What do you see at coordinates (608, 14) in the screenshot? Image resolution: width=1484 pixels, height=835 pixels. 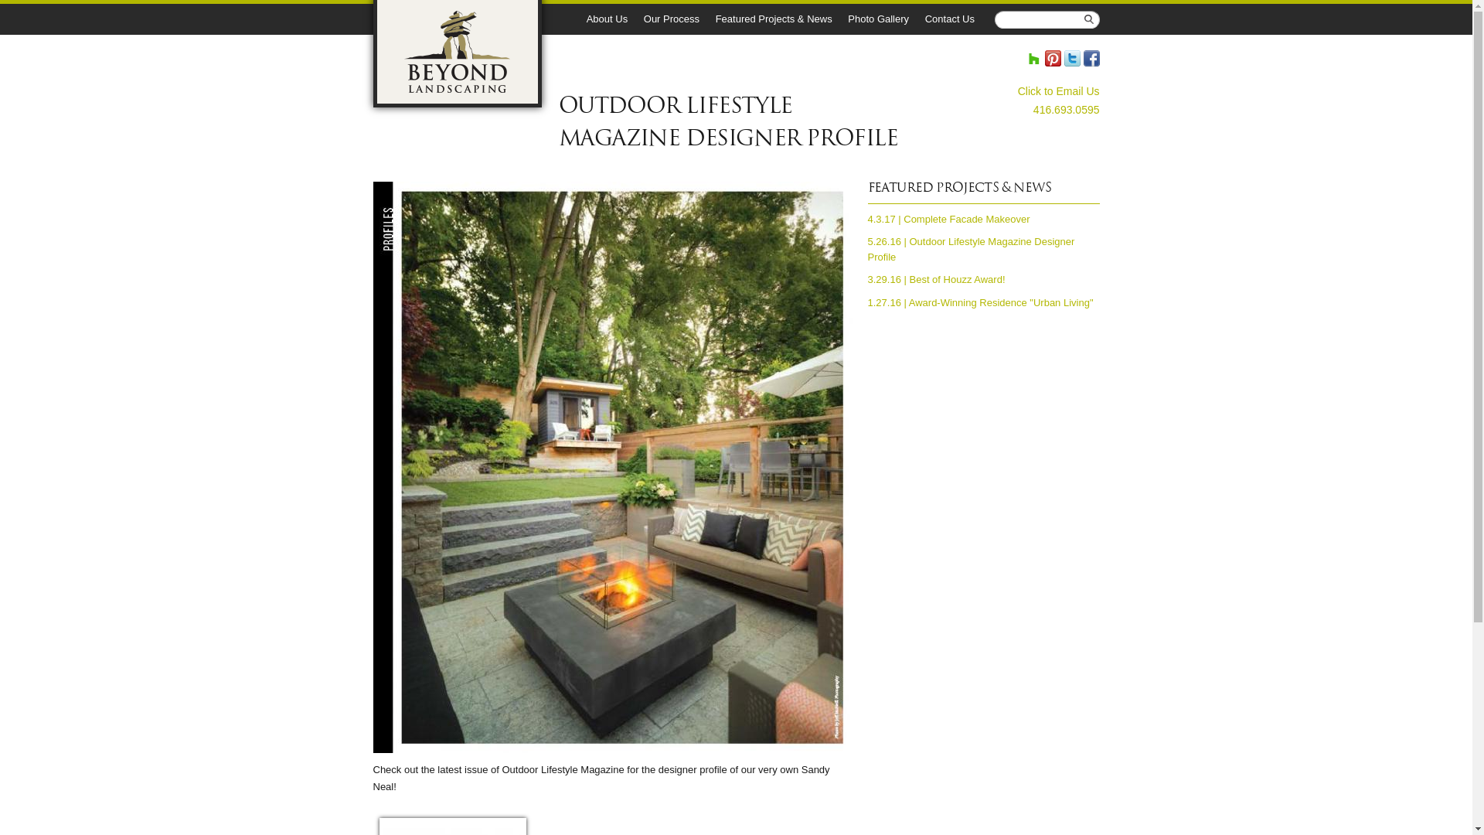 I see `'About Us'` at bounding box center [608, 14].